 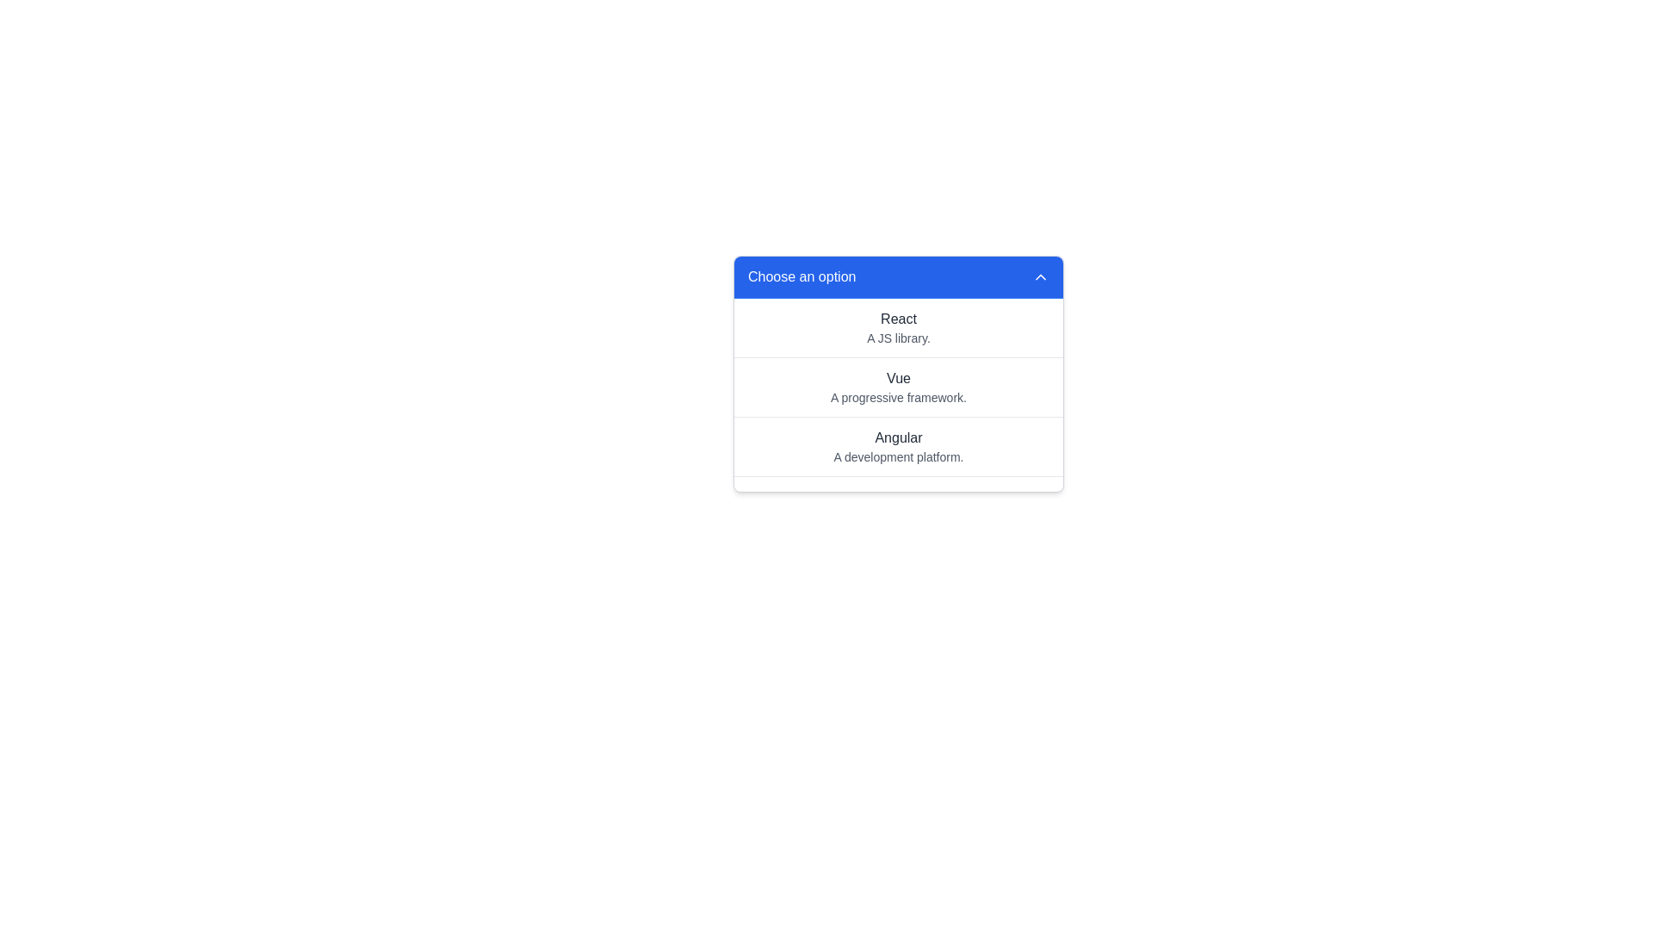 What do you see at coordinates (897, 437) in the screenshot?
I see `the text label displaying 'Angular' in dark gray color, which is the third option in the dropdown menu` at bounding box center [897, 437].